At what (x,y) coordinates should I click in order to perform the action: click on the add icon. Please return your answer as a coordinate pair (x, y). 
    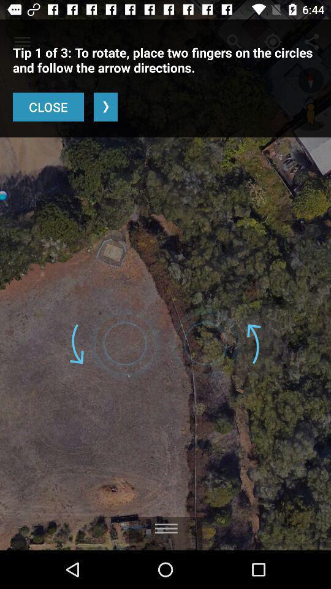
    Looking at the image, I should click on (311, 80).